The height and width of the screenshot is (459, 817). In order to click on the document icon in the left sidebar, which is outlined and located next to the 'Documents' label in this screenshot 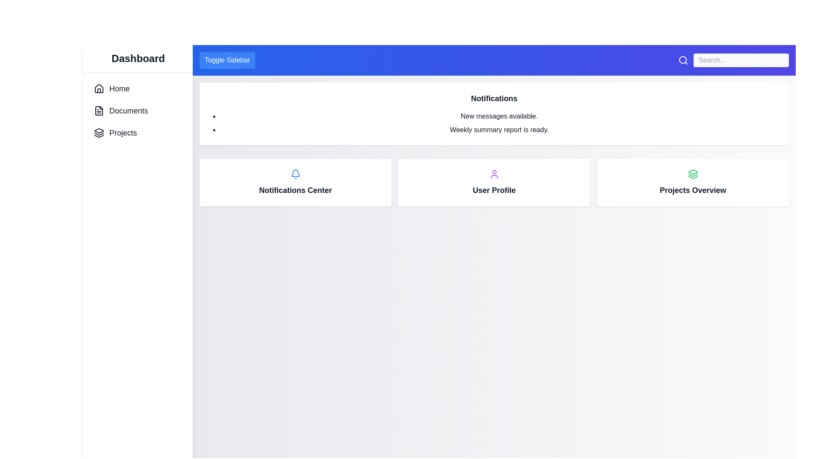, I will do `click(99, 110)`.